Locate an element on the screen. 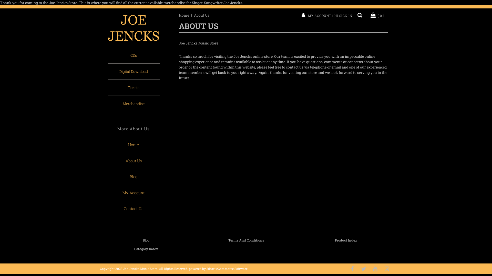 The image size is (492, 276). 'Digital Download' is located at coordinates (134, 72).